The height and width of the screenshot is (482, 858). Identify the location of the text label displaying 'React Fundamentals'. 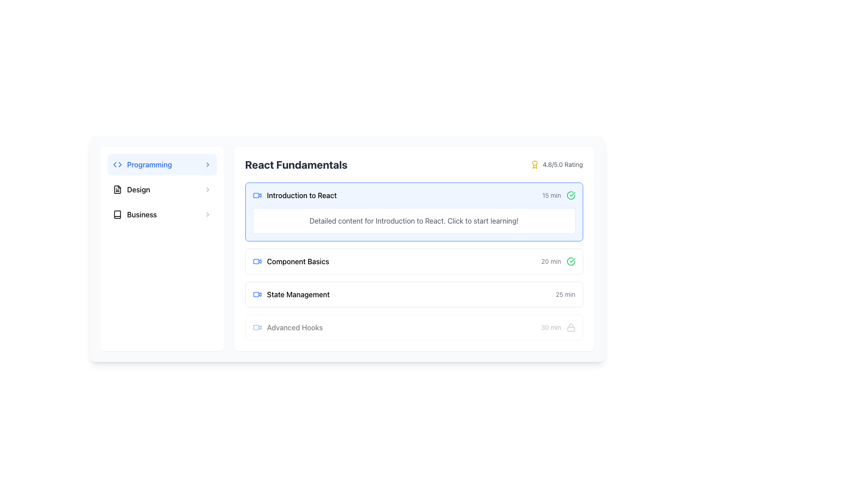
(302, 195).